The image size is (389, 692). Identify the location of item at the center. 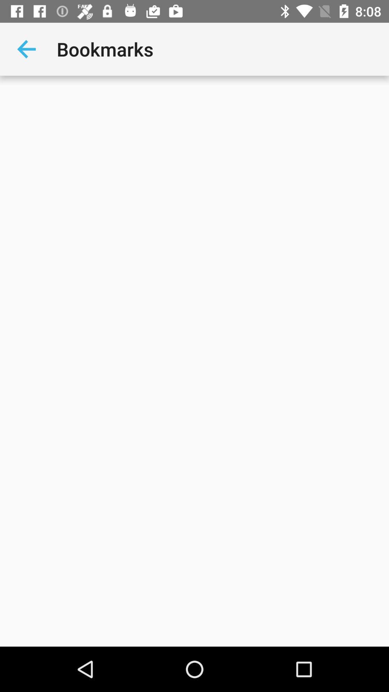
(194, 361).